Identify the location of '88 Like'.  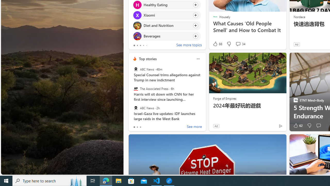
(217, 44).